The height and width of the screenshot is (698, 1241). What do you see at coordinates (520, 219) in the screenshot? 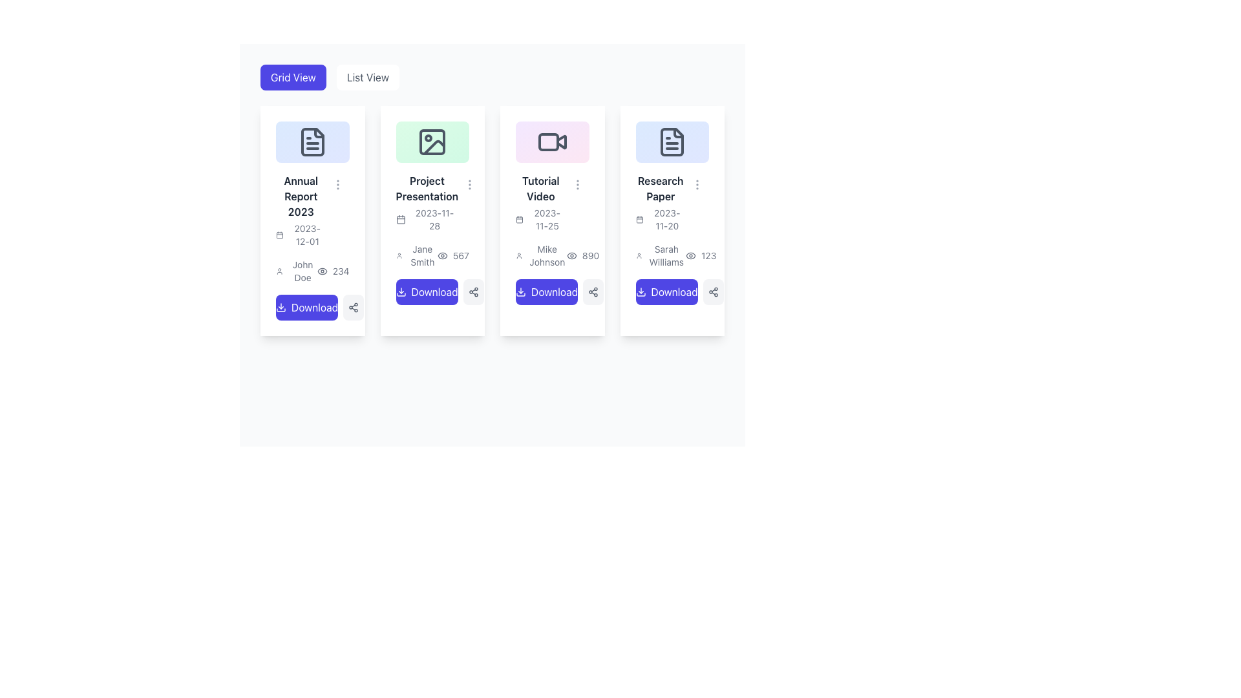
I see `the decorative component of the calendar icon located in the 'Tutorial Video' card in the third position of the layout's row of cards` at bounding box center [520, 219].